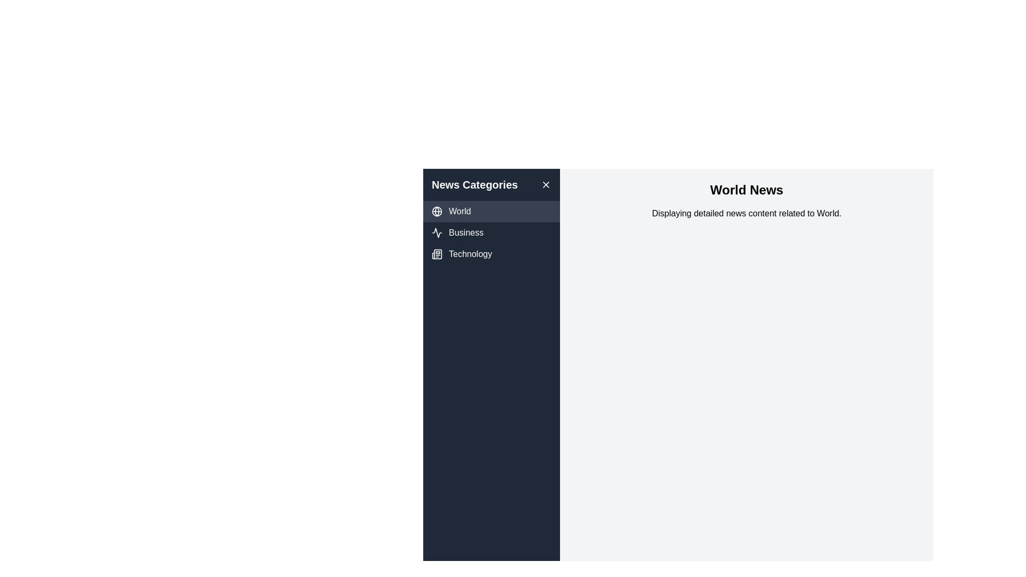 This screenshot has height=577, width=1026. What do you see at coordinates (491, 212) in the screenshot?
I see `the news category World from the list` at bounding box center [491, 212].